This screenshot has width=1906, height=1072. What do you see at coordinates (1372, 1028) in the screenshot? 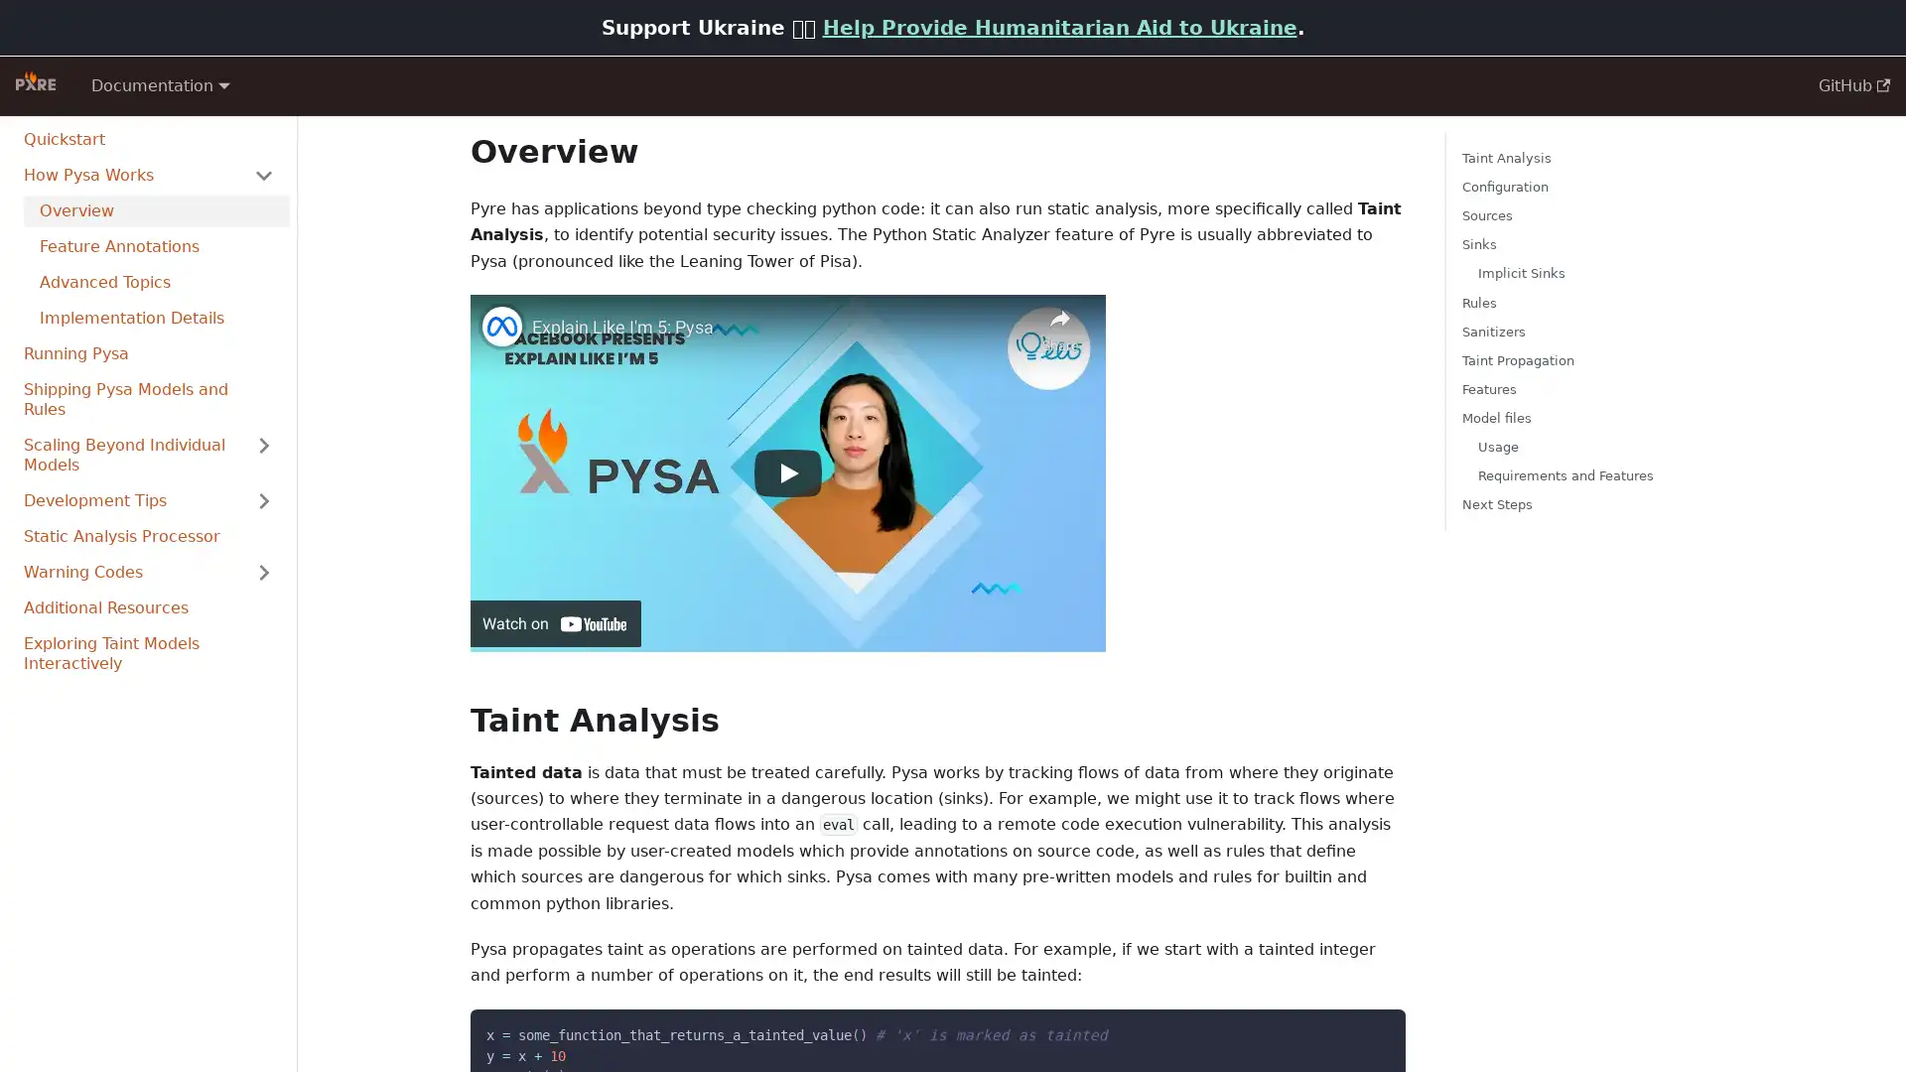
I see `Copy code to clipboard` at bounding box center [1372, 1028].